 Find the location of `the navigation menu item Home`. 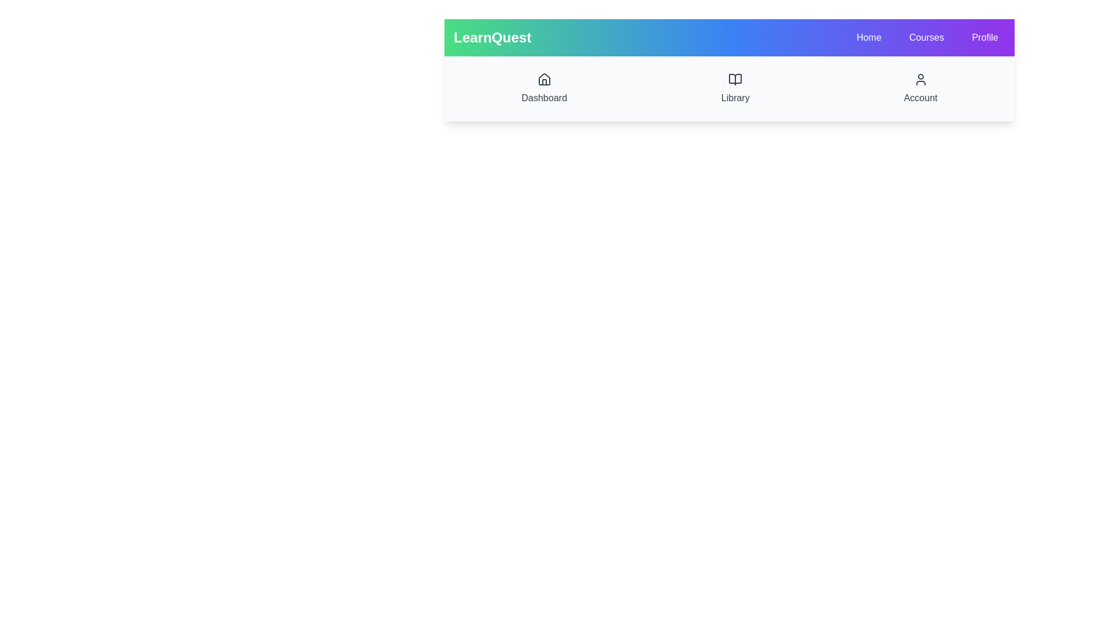

the navigation menu item Home is located at coordinates (869, 37).